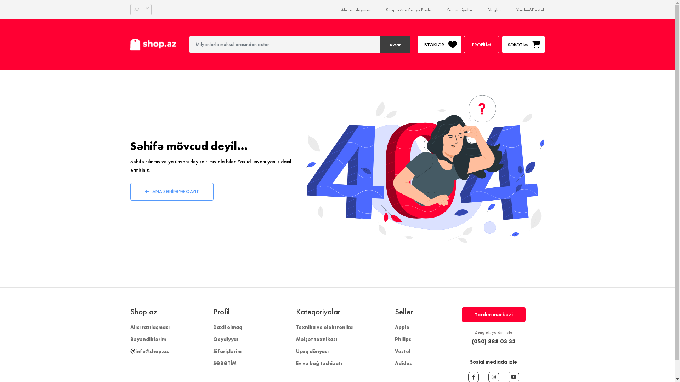 The width and height of the screenshot is (680, 382). Describe the element at coordinates (462, 341) in the screenshot. I see `'(050) 888 03 33'` at that location.